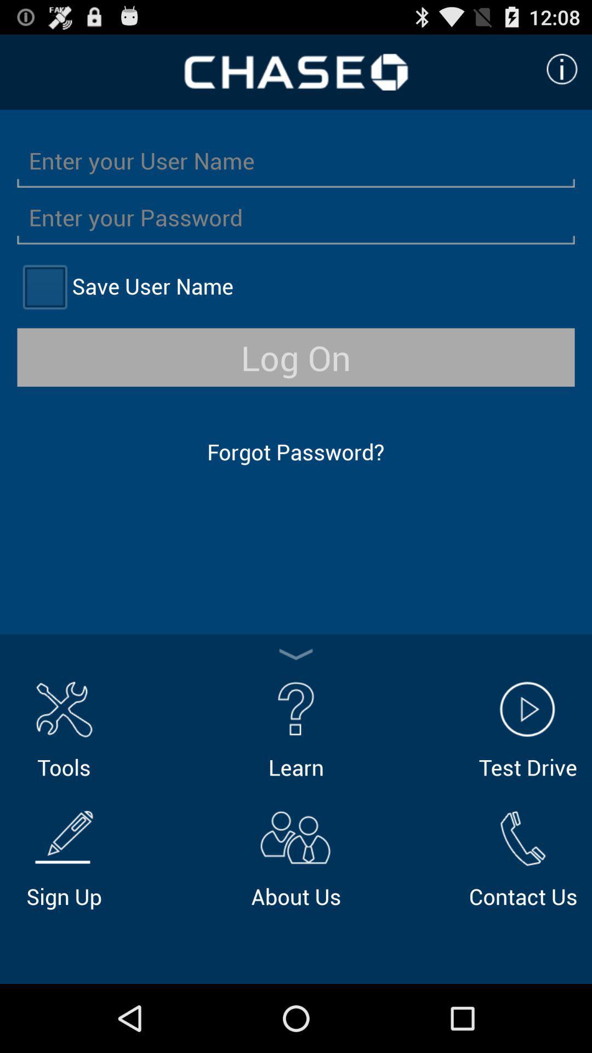 The image size is (592, 1053). What do you see at coordinates (64, 857) in the screenshot?
I see `sign up` at bounding box center [64, 857].